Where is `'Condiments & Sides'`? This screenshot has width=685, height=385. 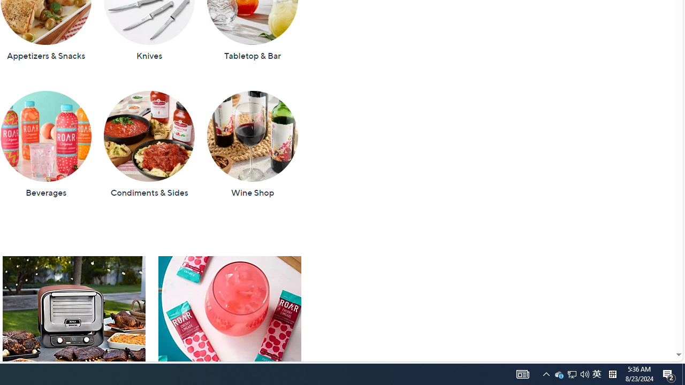 'Condiments & Sides' is located at coordinates (149, 144).